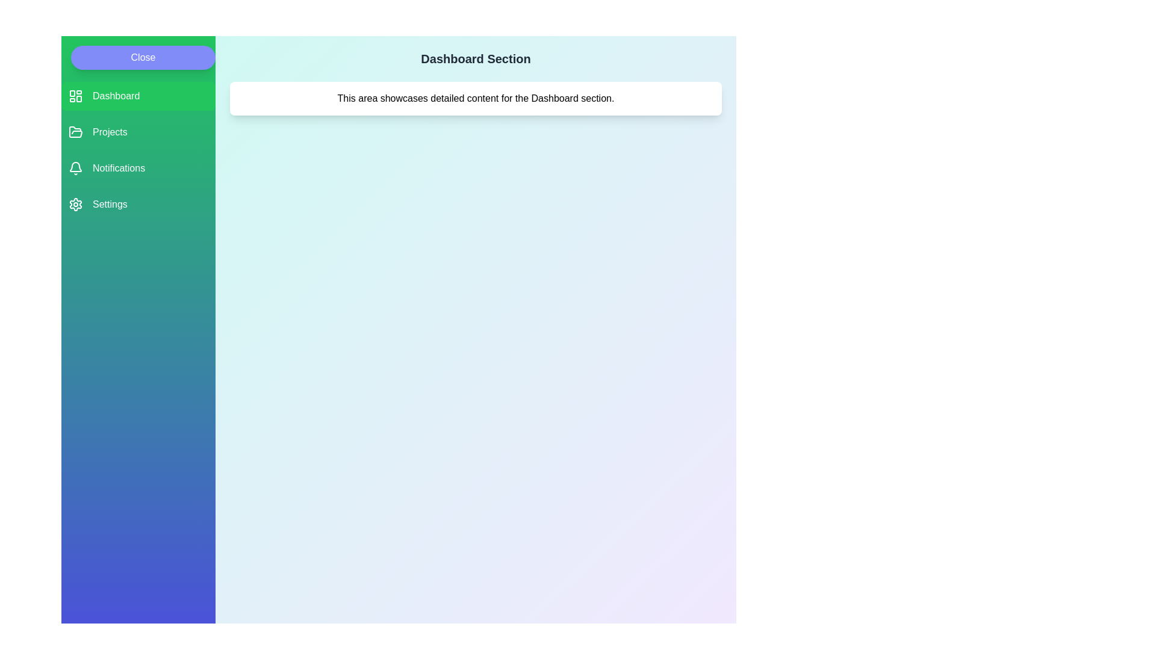 The image size is (1156, 650). Describe the element at coordinates (138, 95) in the screenshot. I see `the menu item labeled Dashboard to see its hover effect` at that location.